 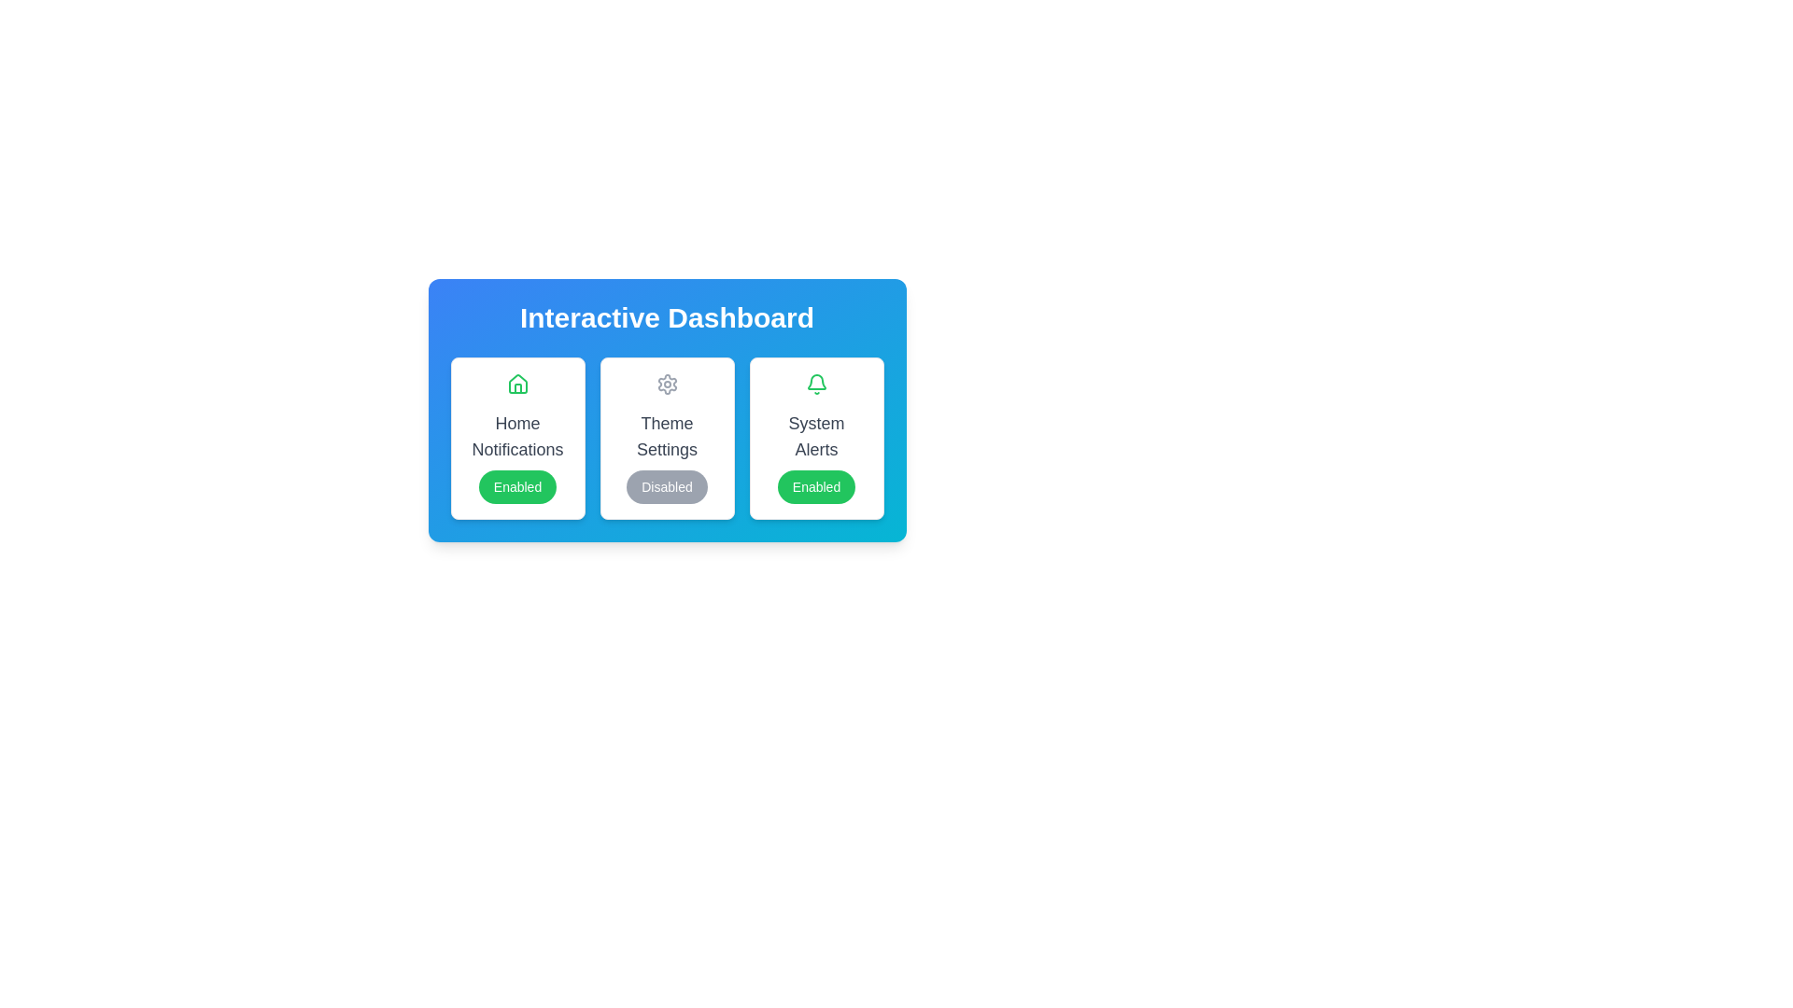 What do you see at coordinates (816, 439) in the screenshot?
I see `the 'System Alerts' card to toggle its state` at bounding box center [816, 439].